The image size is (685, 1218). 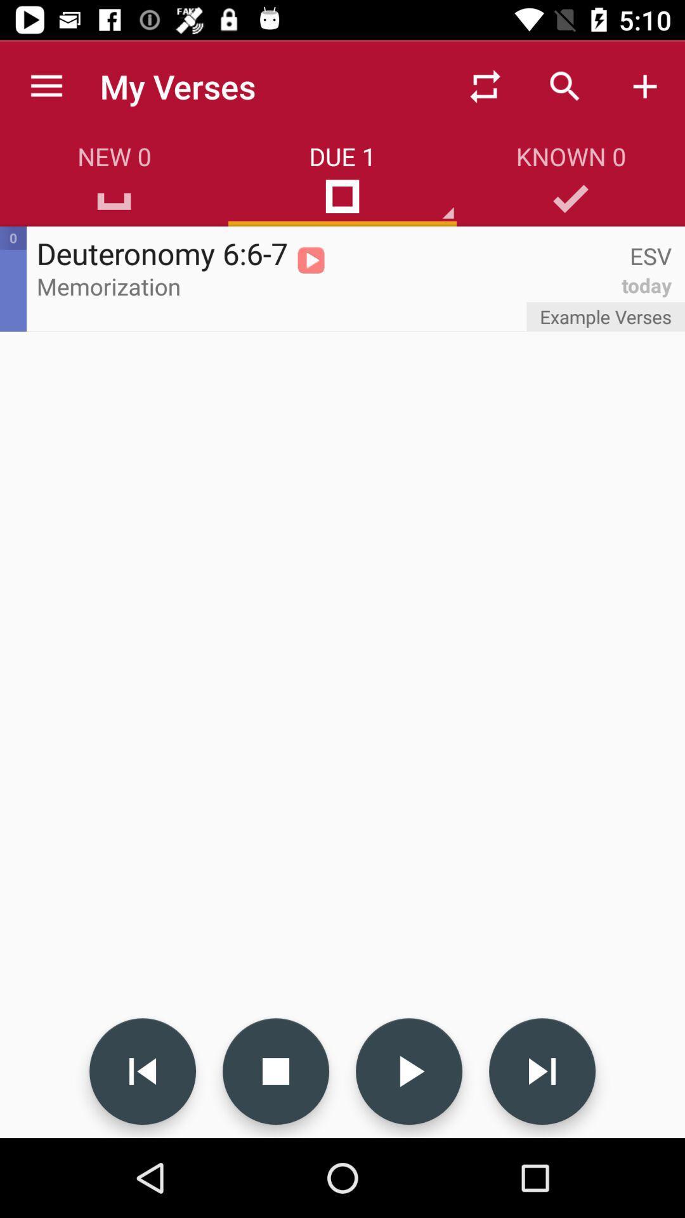 What do you see at coordinates (408, 1071) in the screenshot?
I see `passage` at bounding box center [408, 1071].